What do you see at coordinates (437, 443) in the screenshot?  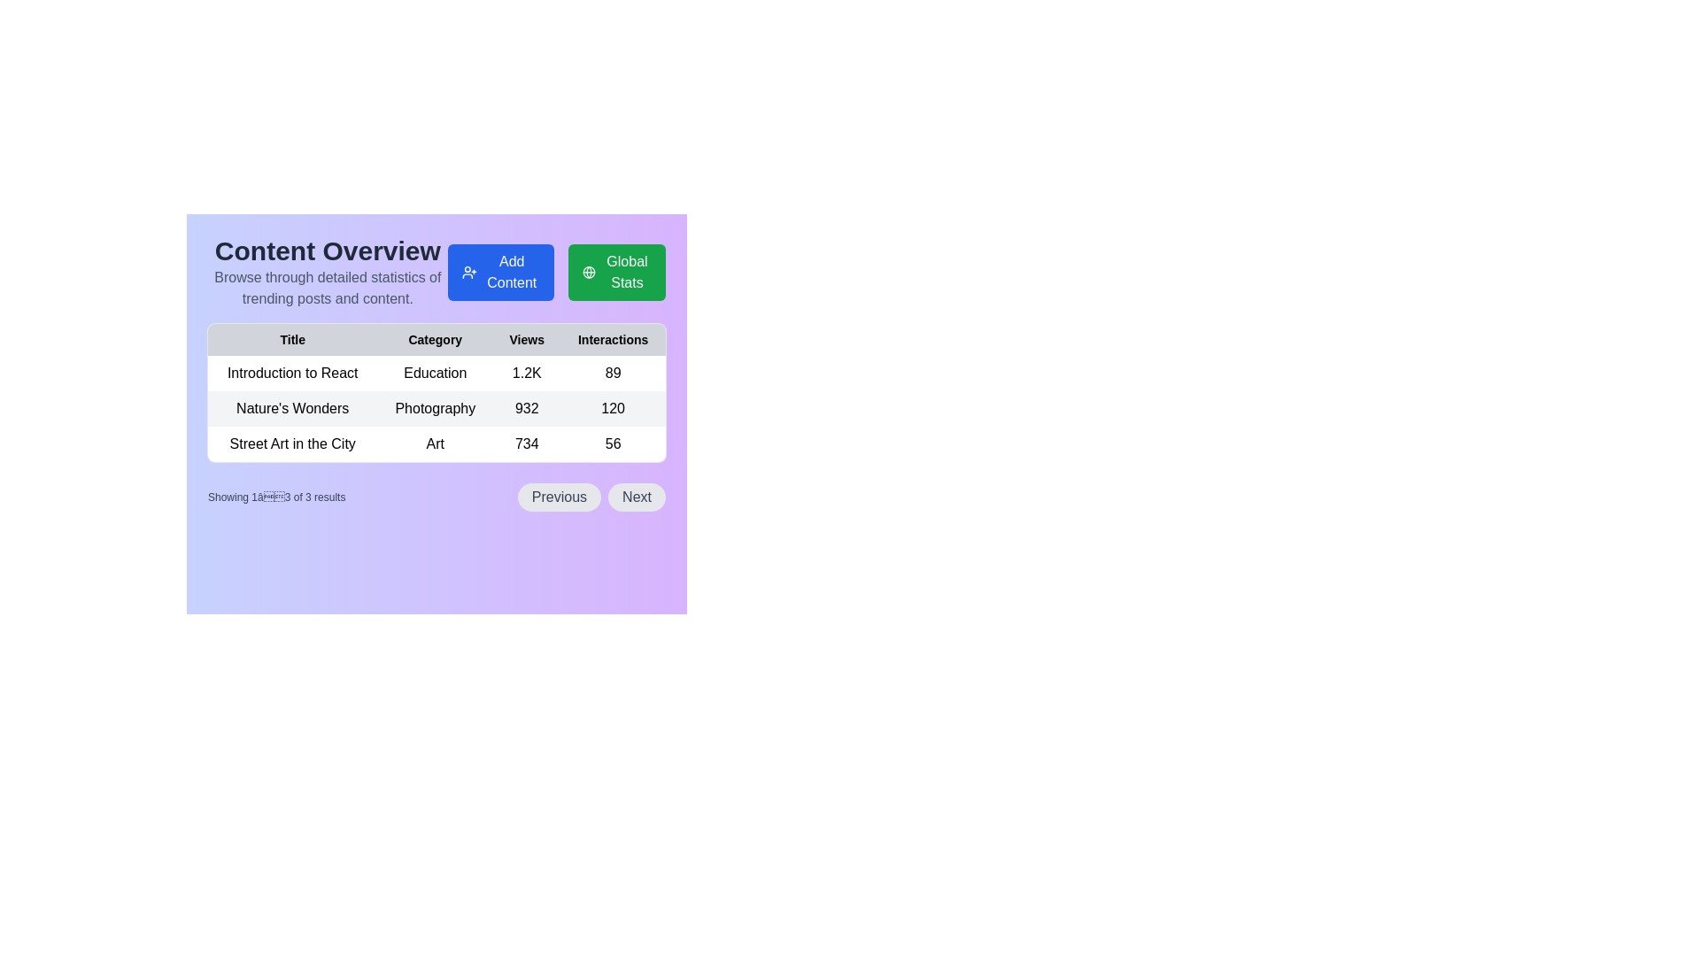 I see `the text label 'Art' located in the third column of the third row of the table under the 'Category' column` at bounding box center [437, 443].